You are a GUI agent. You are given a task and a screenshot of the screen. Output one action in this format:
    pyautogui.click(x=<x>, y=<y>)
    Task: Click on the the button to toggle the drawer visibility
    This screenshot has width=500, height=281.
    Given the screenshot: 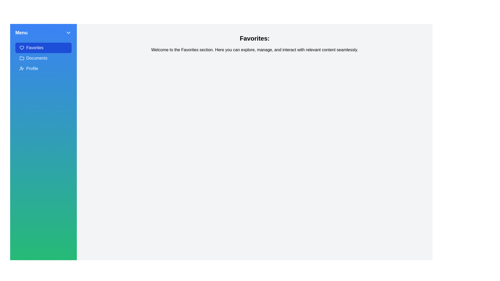 What is the action you would take?
    pyautogui.click(x=68, y=33)
    